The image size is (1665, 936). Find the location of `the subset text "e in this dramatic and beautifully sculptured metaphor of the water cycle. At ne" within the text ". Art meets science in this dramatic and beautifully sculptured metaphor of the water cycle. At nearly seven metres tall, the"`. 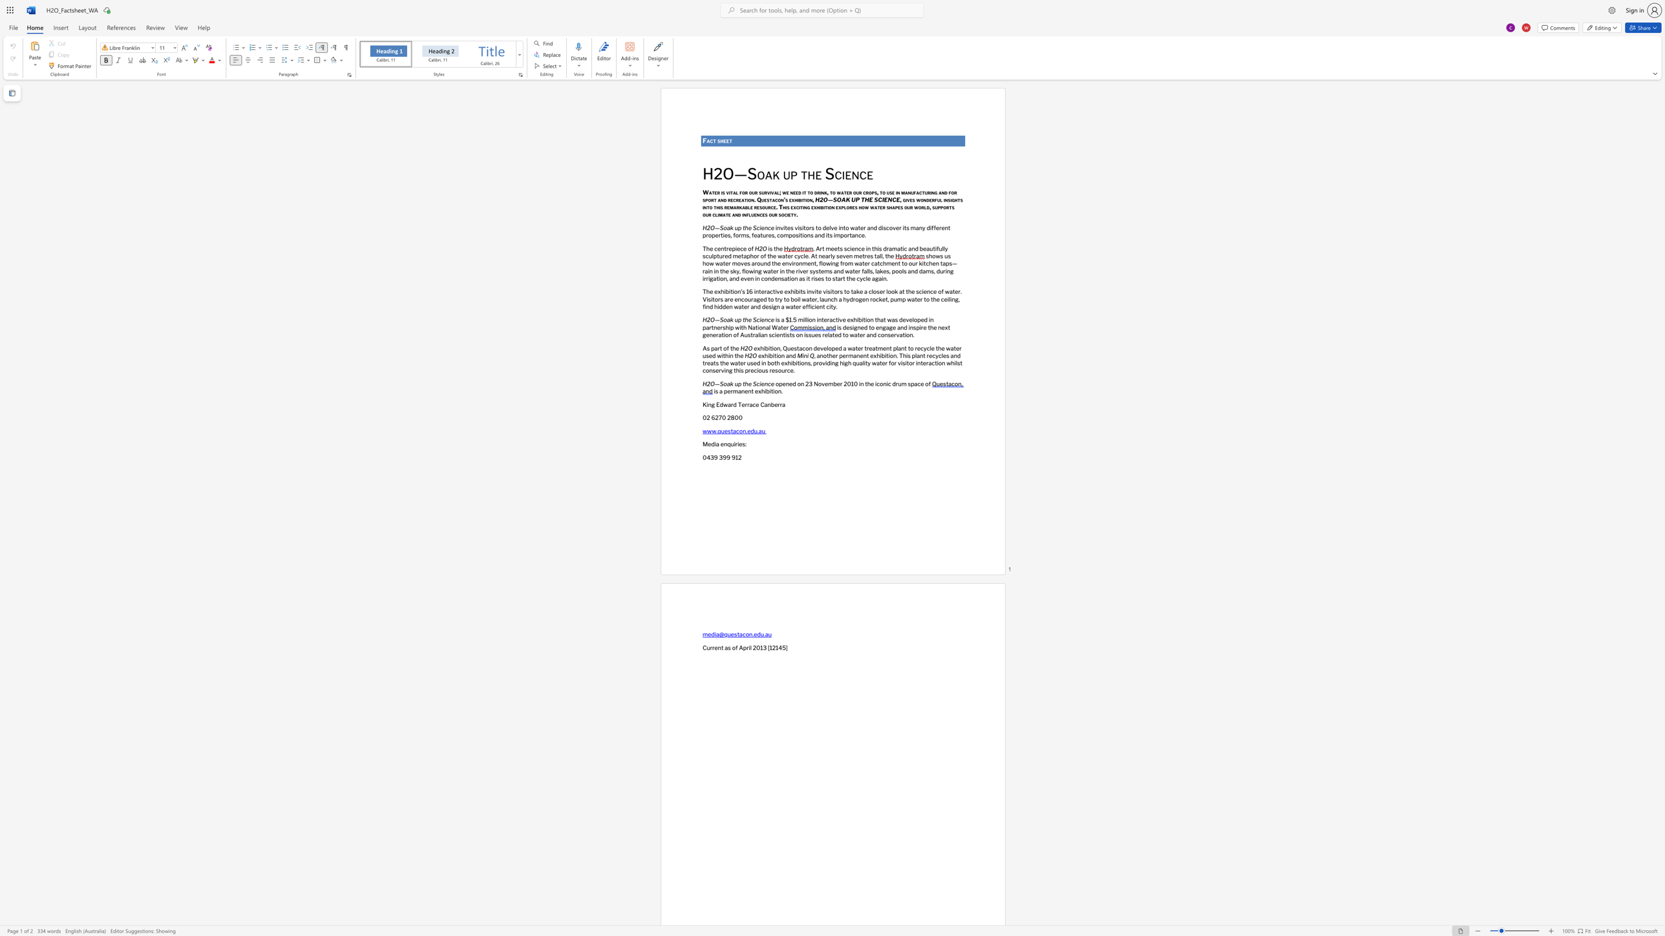

the subset text "e in this dramatic and beautifully sculptured metaphor of the water cycle. At ne" within the text ". Art meets science in this dramatic and beautifully sculptured metaphor of the water cycle. At nearly seven metres tall, the" is located at coordinates (861, 248).